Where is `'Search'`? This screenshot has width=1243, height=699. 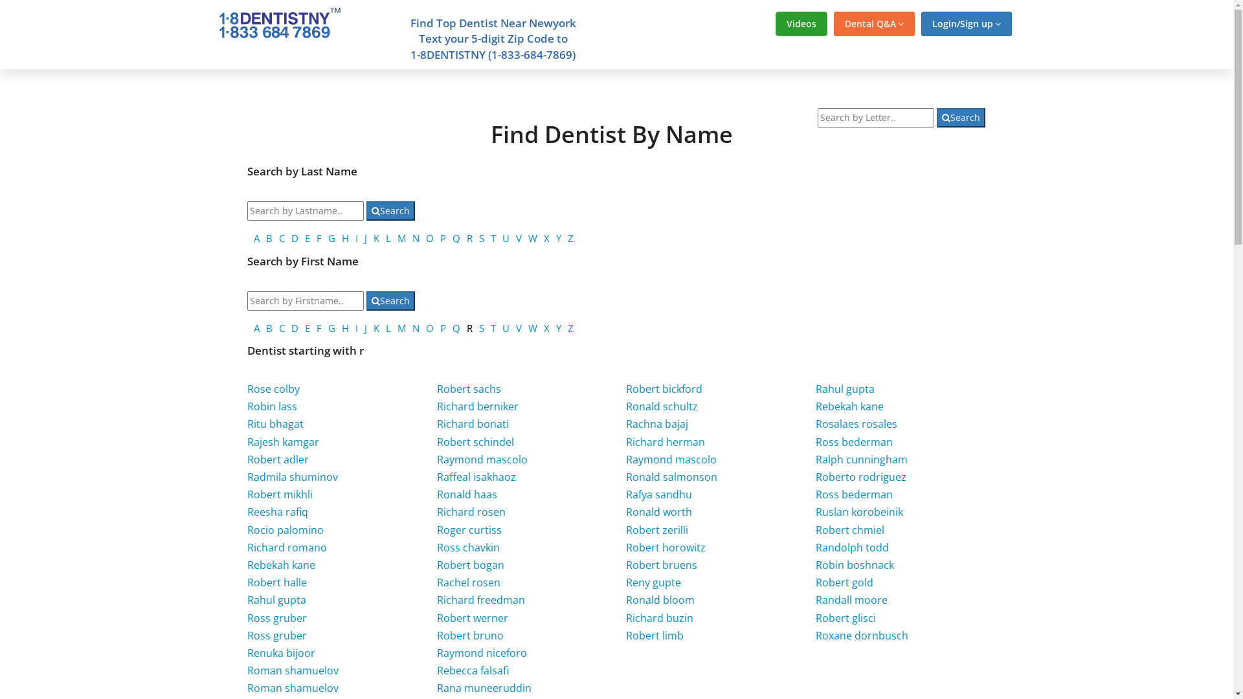 'Search' is located at coordinates (961, 117).